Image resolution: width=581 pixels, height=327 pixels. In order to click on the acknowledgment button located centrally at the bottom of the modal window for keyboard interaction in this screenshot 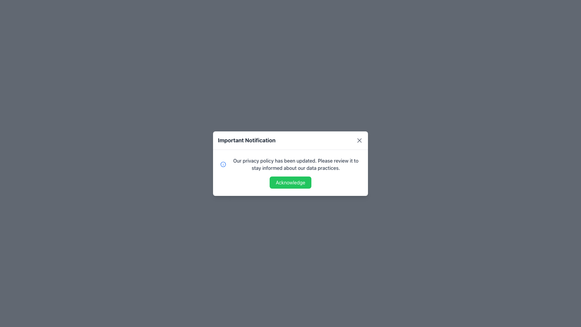, I will do `click(290, 182)`.